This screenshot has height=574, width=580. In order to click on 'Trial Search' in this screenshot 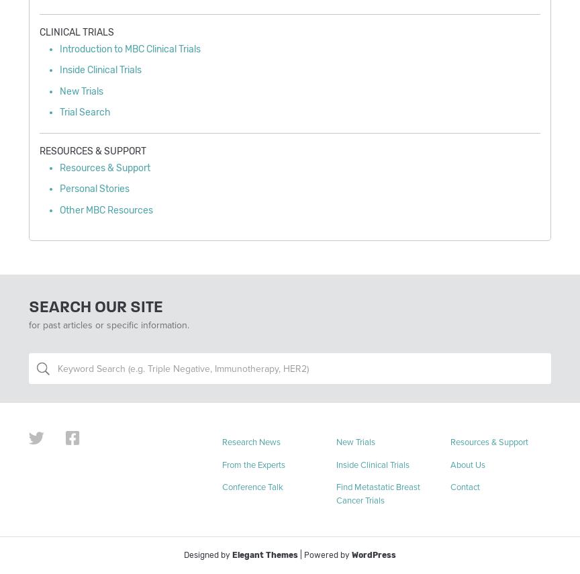, I will do `click(59, 111)`.